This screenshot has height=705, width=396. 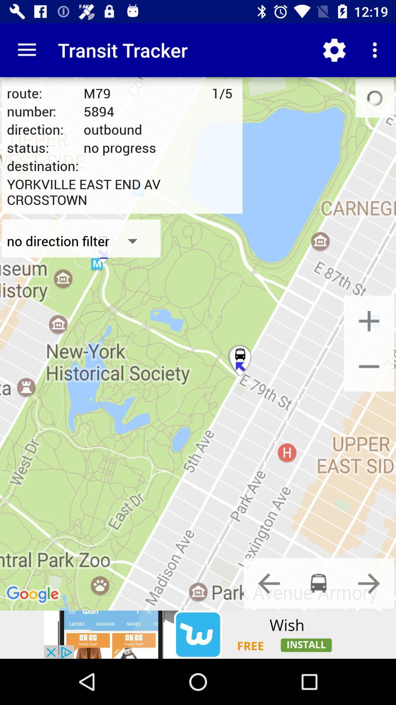 What do you see at coordinates (198, 634) in the screenshot?
I see `advertisements button` at bounding box center [198, 634].